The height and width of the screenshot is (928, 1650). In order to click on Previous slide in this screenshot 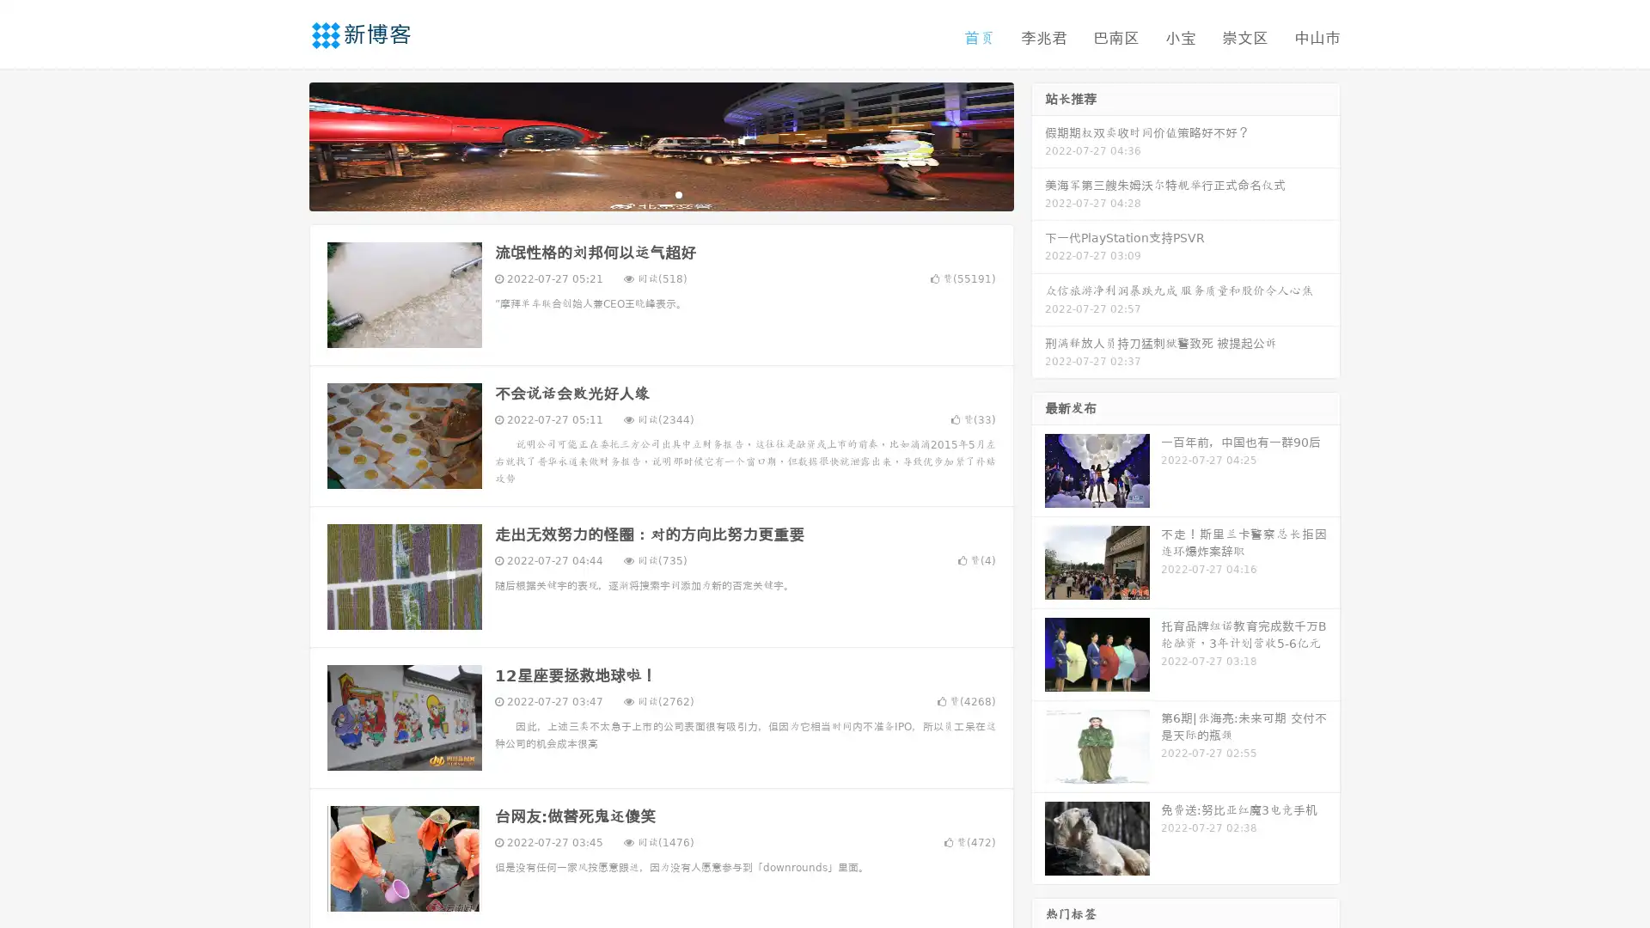, I will do `click(284, 144)`.